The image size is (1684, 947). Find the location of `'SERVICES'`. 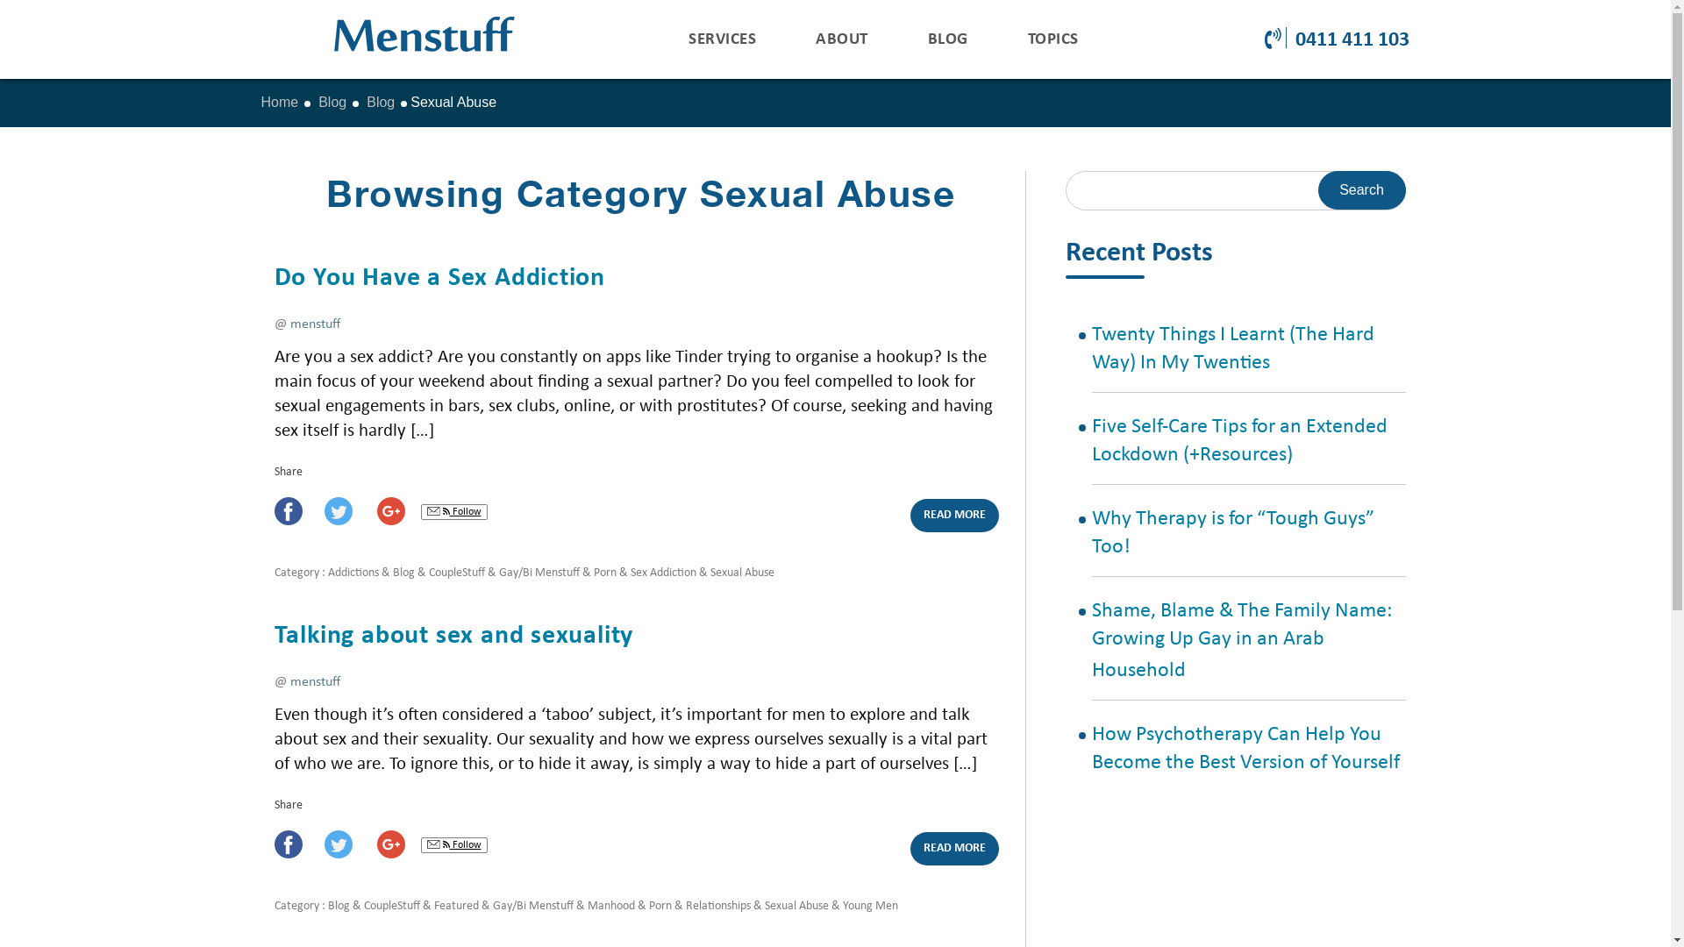

'SERVICES' is located at coordinates (688, 39).